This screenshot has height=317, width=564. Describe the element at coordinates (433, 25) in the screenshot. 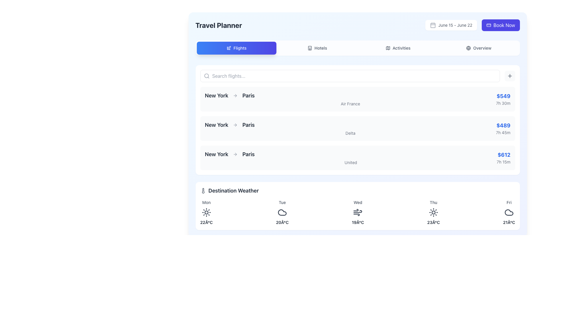

I see `the calendar icon located in the upper-right corner of the interface, positioned to the left of the date range text 'June 15 - June 22'` at that location.